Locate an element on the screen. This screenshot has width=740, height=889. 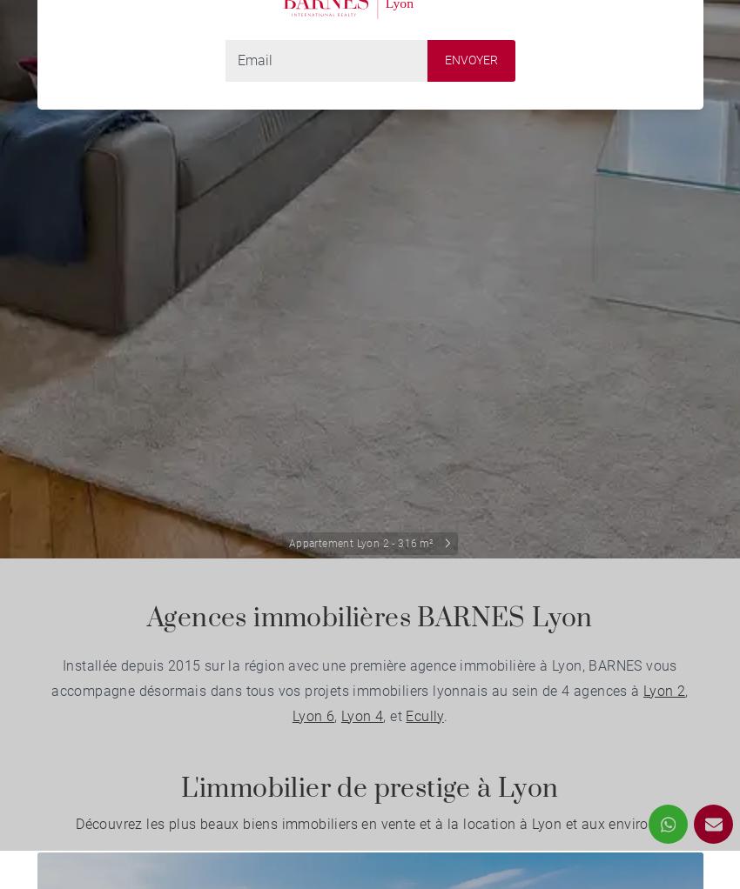
'Lyon 4' is located at coordinates (361, 714).